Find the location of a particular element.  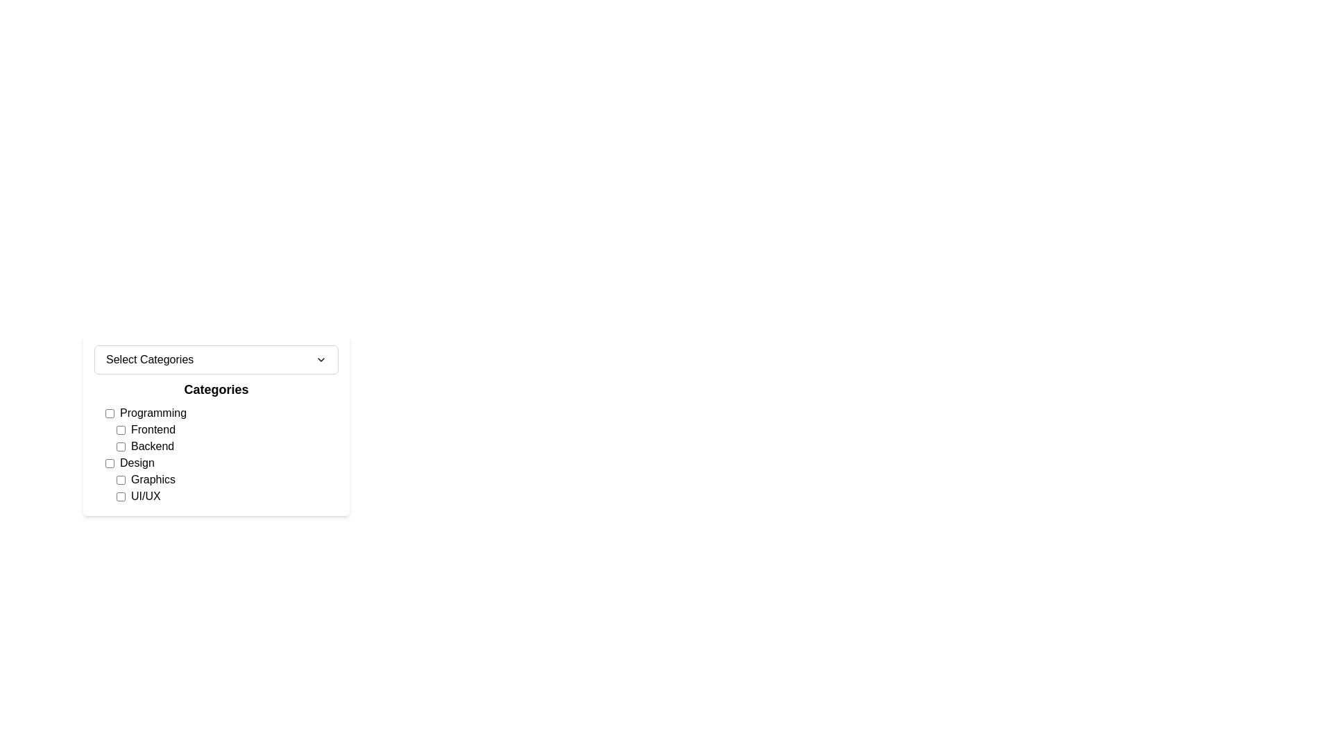

the checkbox located to the left of the 'Design' label in the vertical list is located at coordinates (109, 463).